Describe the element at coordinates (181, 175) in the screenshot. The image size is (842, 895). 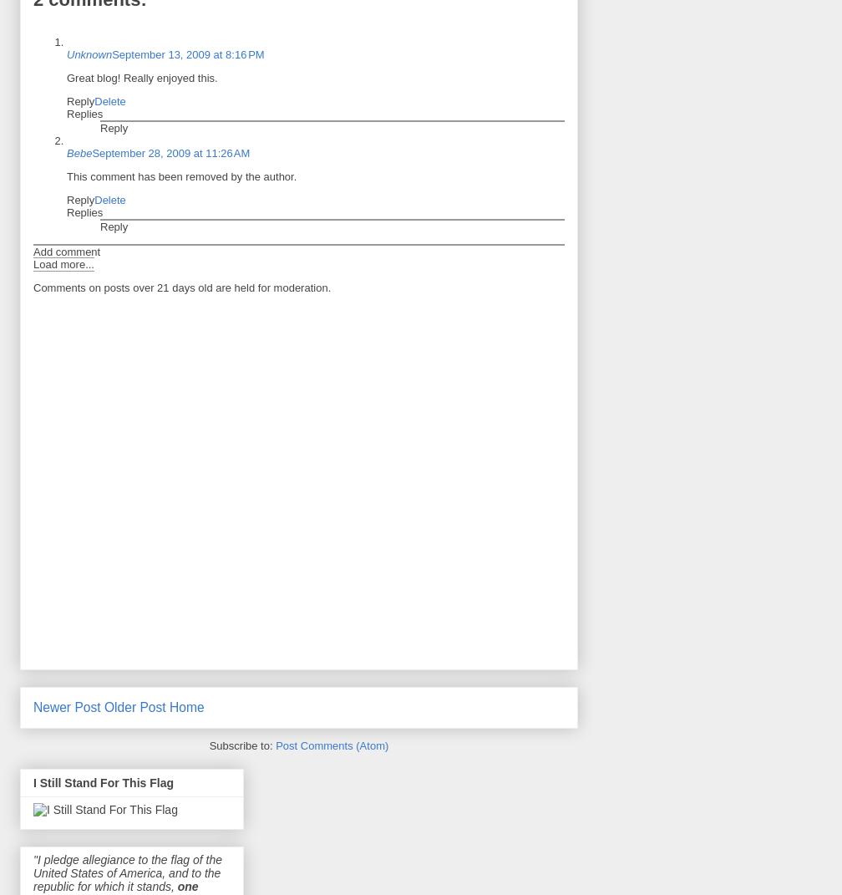
I see `'This comment has been removed by the author.'` at that location.